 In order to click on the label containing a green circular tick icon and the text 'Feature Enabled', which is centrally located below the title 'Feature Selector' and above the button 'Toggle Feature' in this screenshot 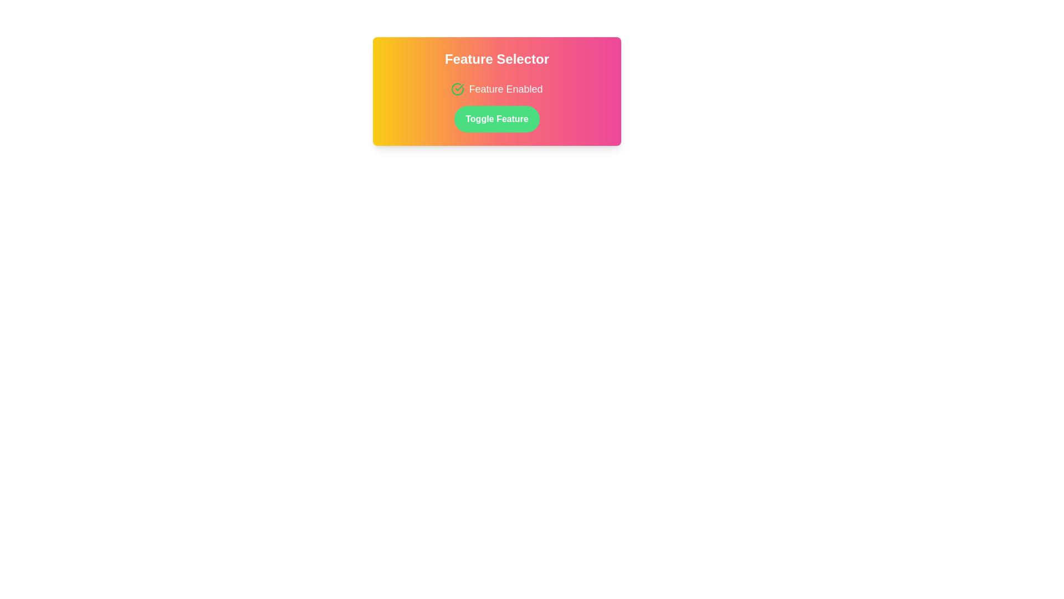, I will do `click(497, 89)`.